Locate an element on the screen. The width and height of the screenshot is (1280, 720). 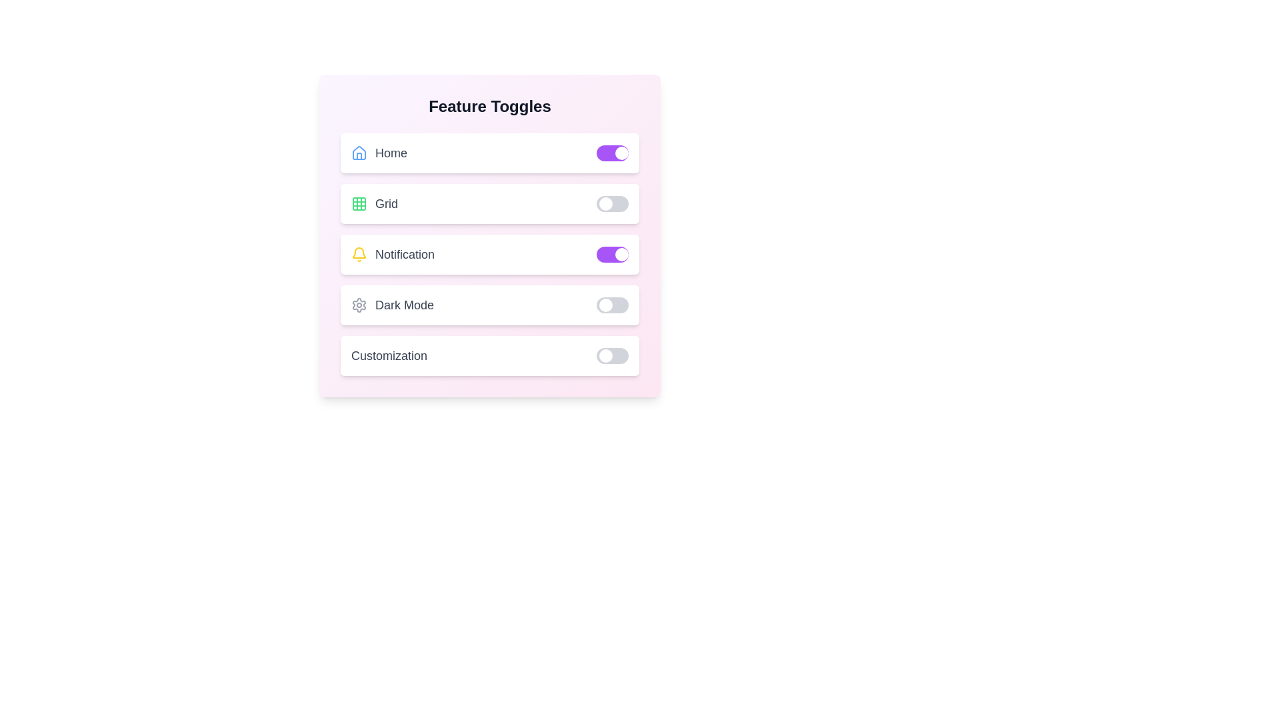
the toggle switch for the 'Grid' functionality located in the second row of toggleable features is located at coordinates (611, 203).